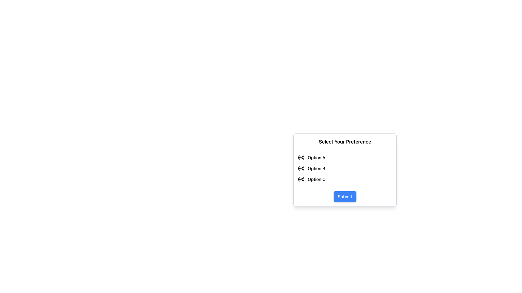  Describe the element at coordinates (344, 168) in the screenshot. I see `the radio button group containing options 'Option A', 'Option B', and 'Option C' using keyboard navigation` at that location.